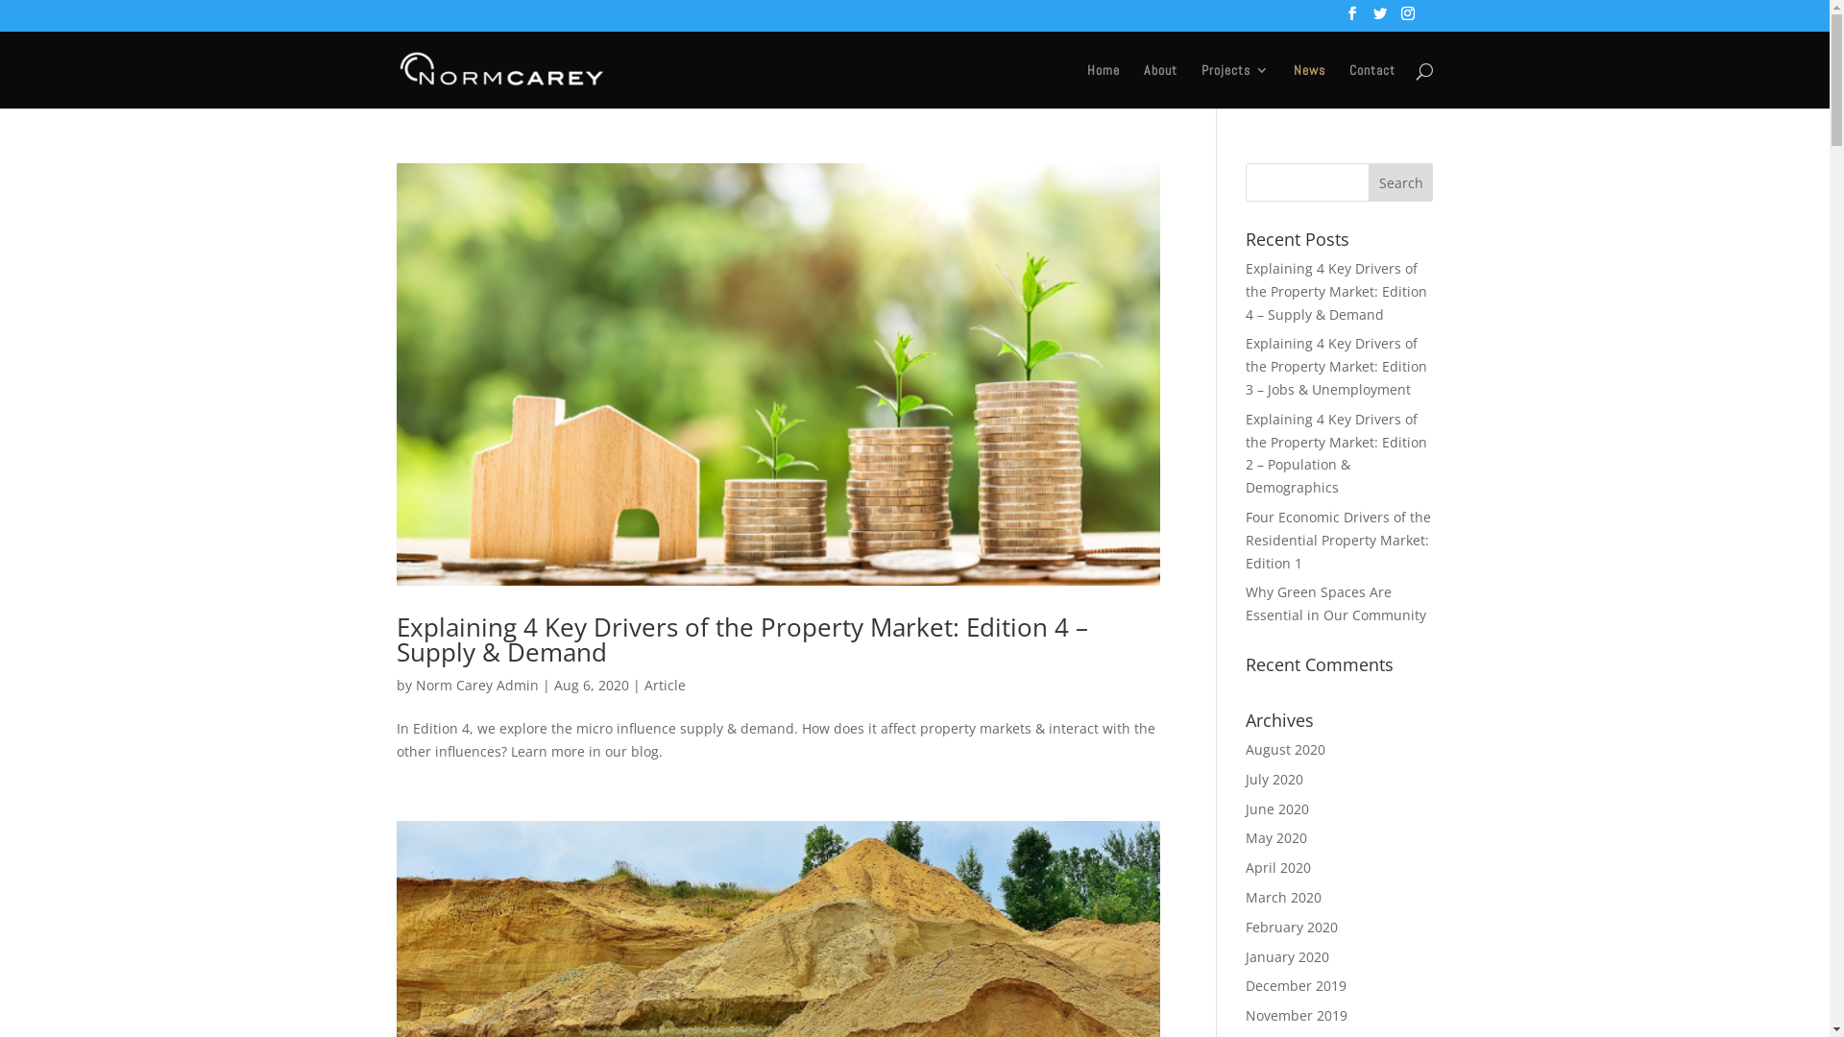 This screenshot has width=1844, height=1037. Describe the element at coordinates (1291, 926) in the screenshot. I see `'February 2020'` at that location.